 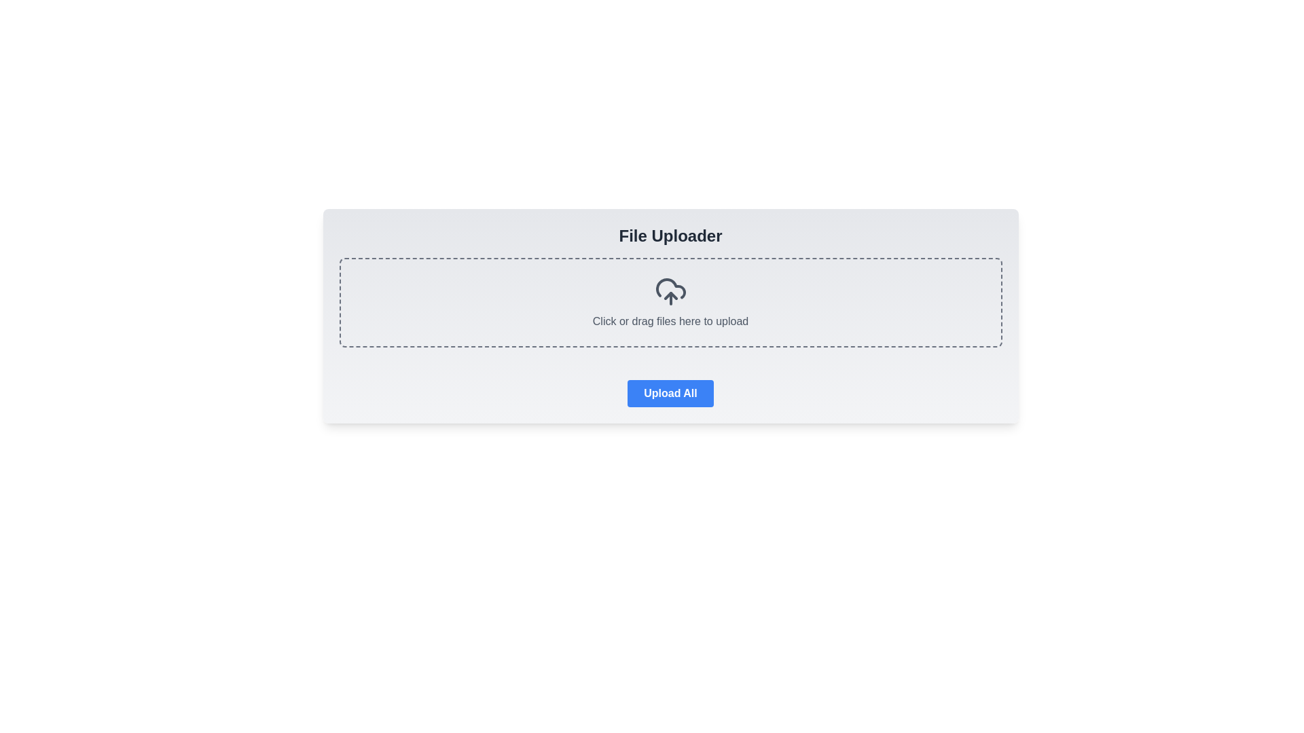 What do you see at coordinates (670, 288) in the screenshot?
I see `the decorative upload icon represented by a cloud, which is located vertically centered between the 'Click or drag files here to upload' prompt and the 'Upload All' button` at bounding box center [670, 288].